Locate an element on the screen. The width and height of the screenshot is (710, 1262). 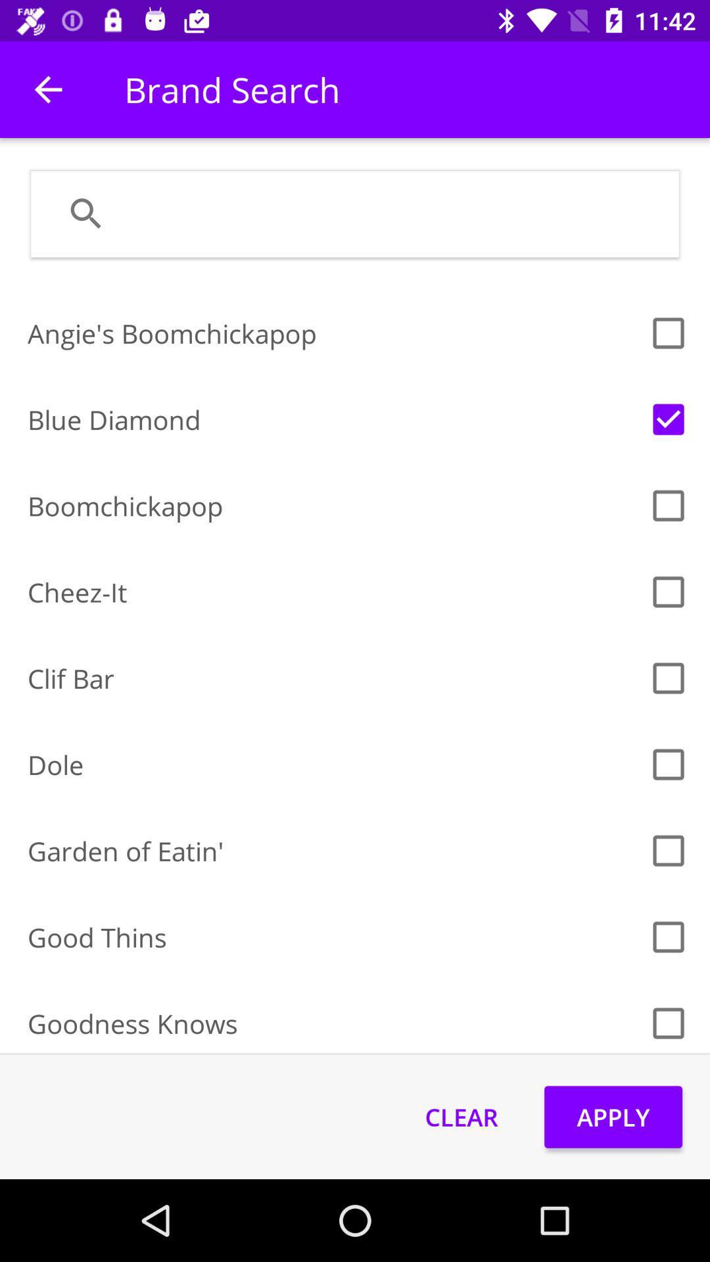
search function bar is located at coordinates (389, 214).